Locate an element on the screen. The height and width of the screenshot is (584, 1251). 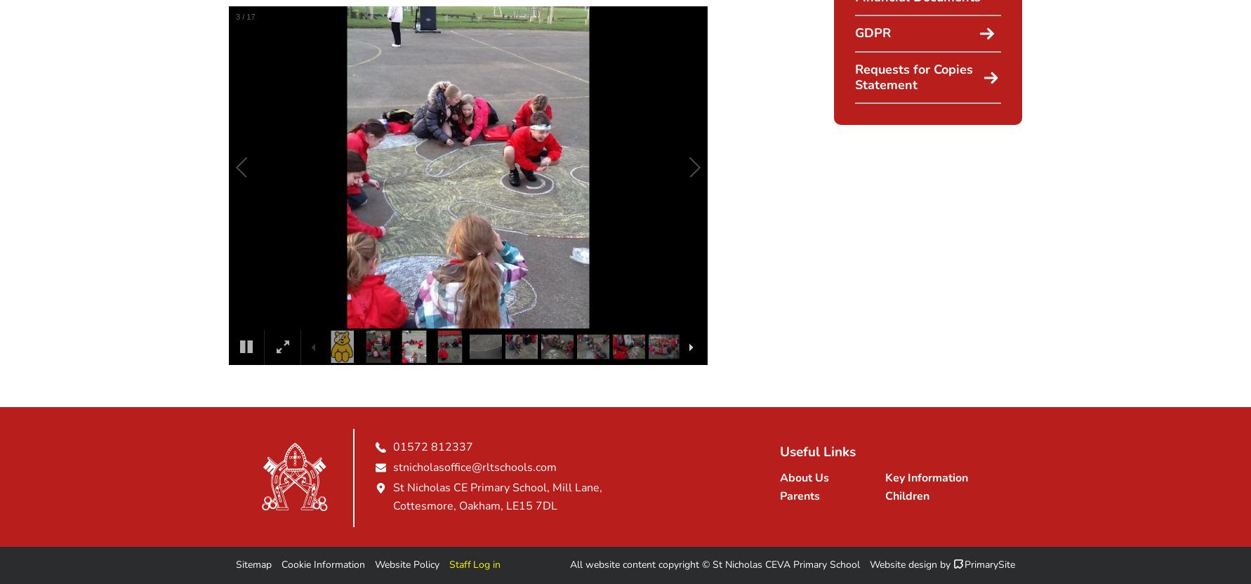
'3' is located at coordinates (237, 15).